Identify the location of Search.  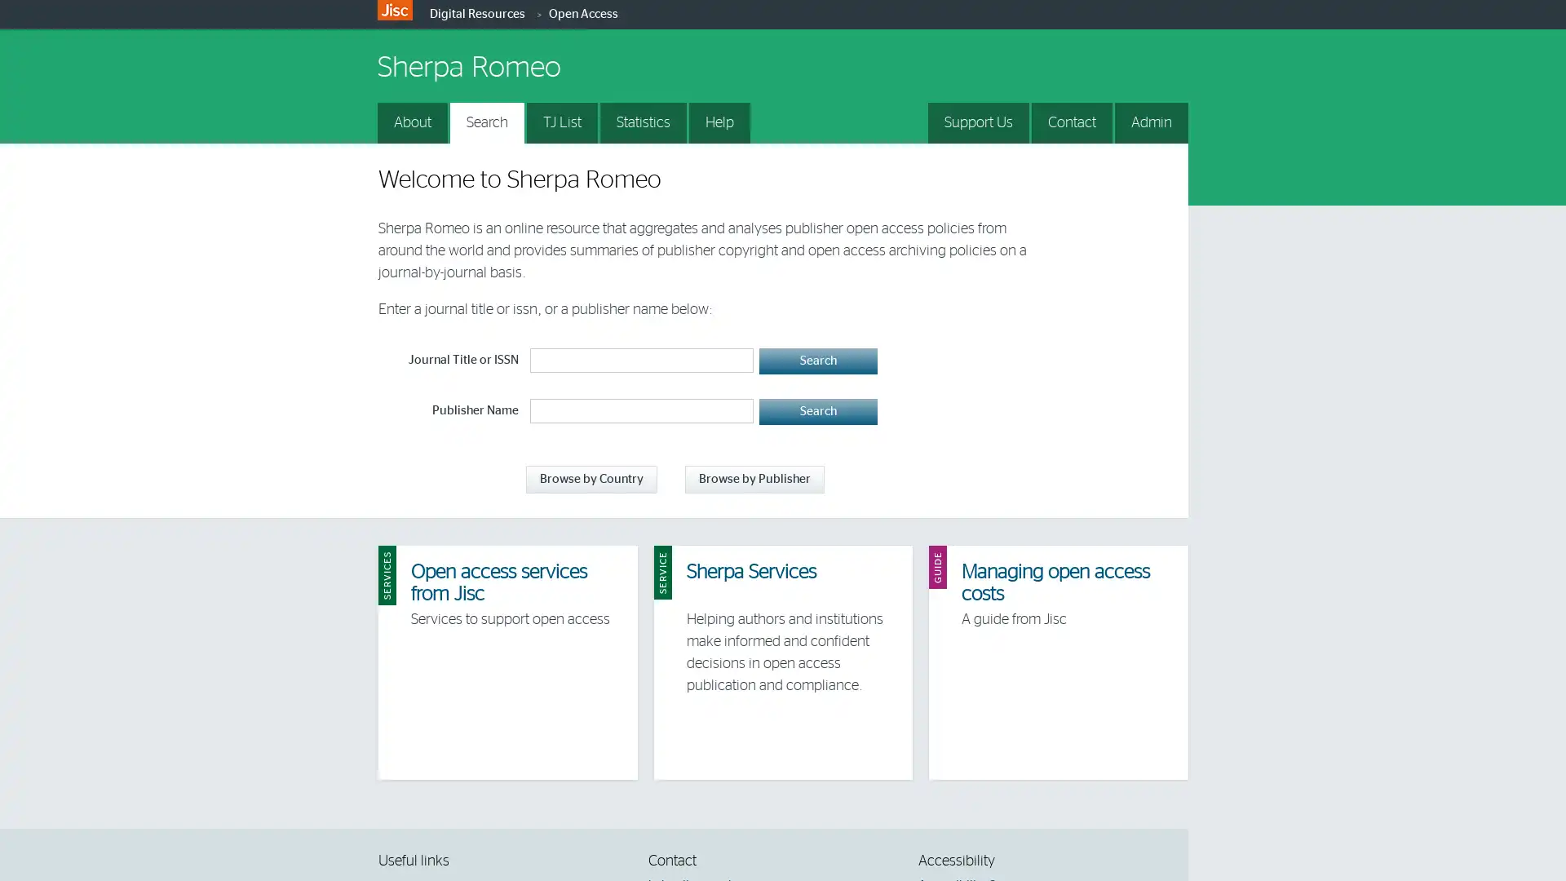
(817, 361).